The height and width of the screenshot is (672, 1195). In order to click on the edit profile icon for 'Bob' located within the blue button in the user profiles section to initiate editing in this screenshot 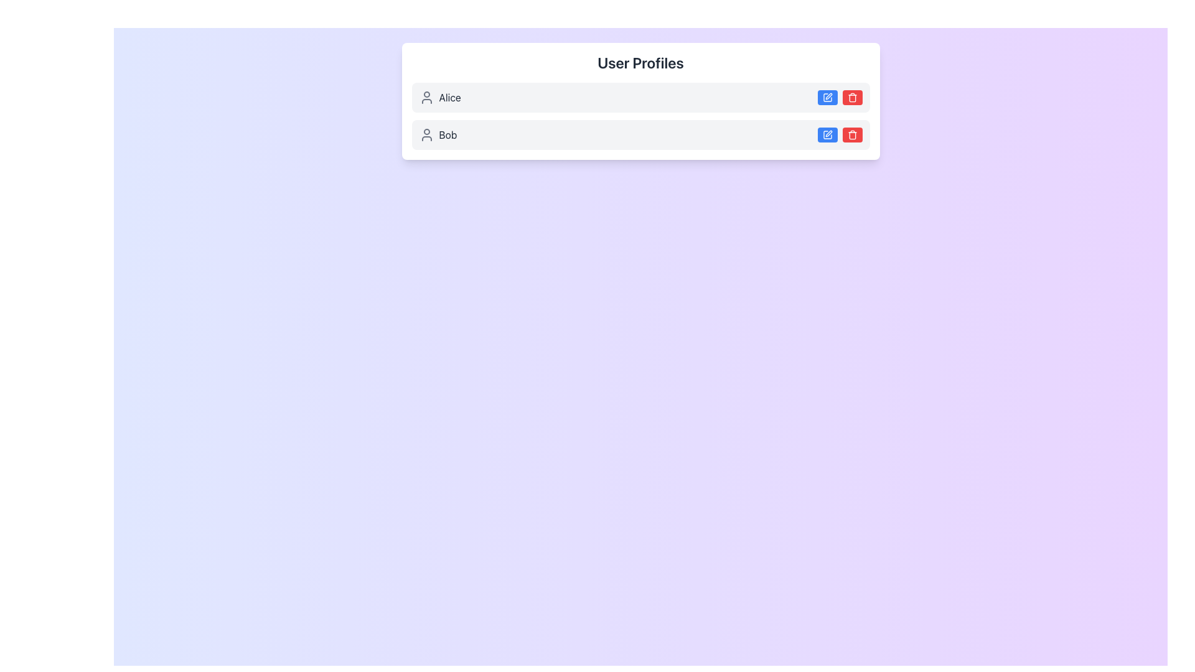, I will do `click(828, 134)`.